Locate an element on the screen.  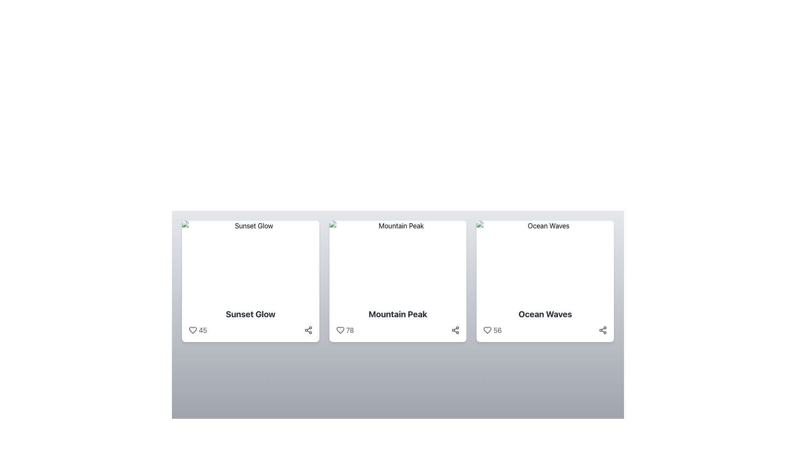
like count displayed in the Interactive Like Display, which shows '56' for the associated content located below the text 'Ocean Waves' is located at coordinates (493, 329).